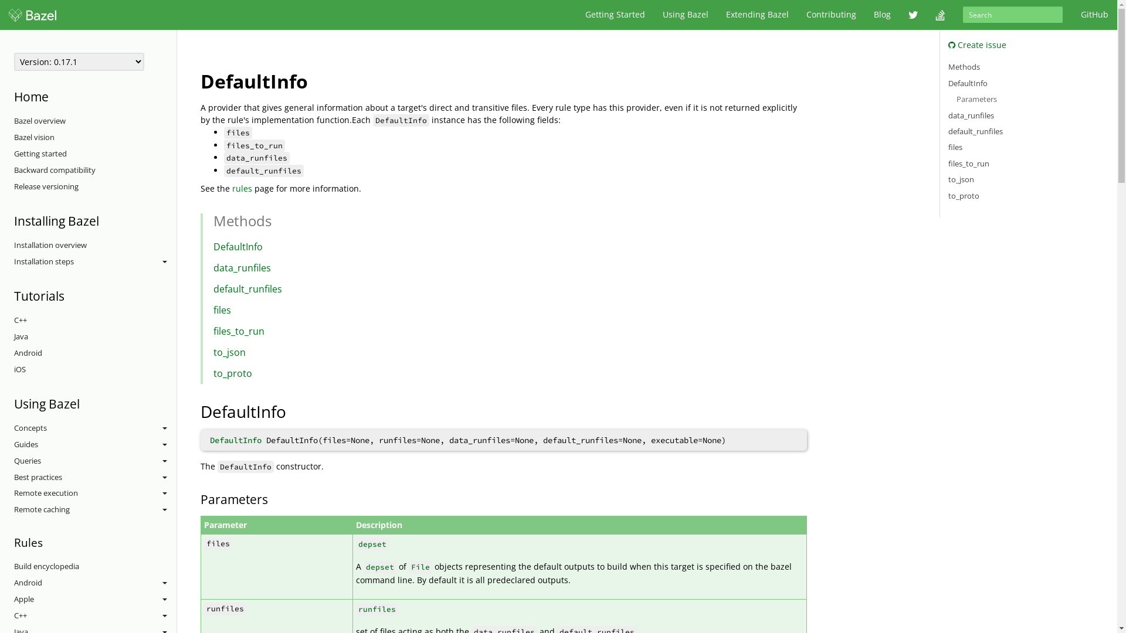  What do you see at coordinates (864, 14) in the screenshot?
I see `'Blog'` at bounding box center [864, 14].